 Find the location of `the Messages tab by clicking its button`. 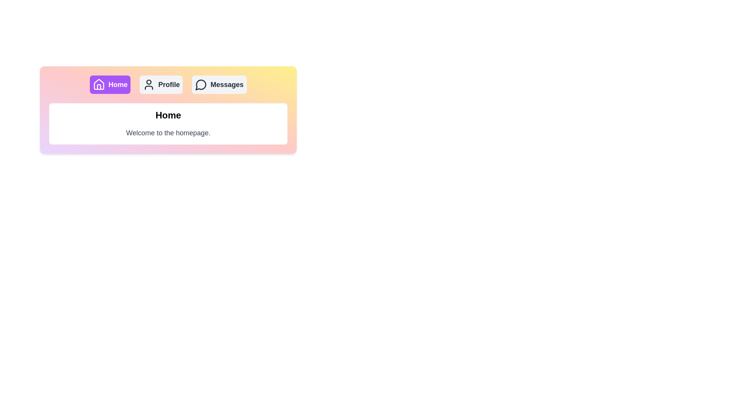

the Messages tab by clicking its button is located at coordinates (219, 84).